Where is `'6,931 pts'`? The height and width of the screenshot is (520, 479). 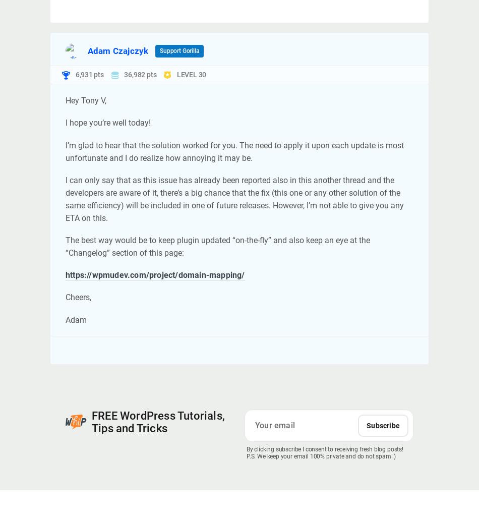
'6,931 pts' is located at coordinates (89, 74).